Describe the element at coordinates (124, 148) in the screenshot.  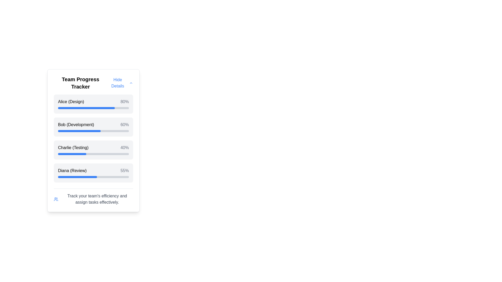
I see `the text label displaying '40%' in gray color, which is located at the far right of the row containing 'Charlie (Testing)'` at that location.